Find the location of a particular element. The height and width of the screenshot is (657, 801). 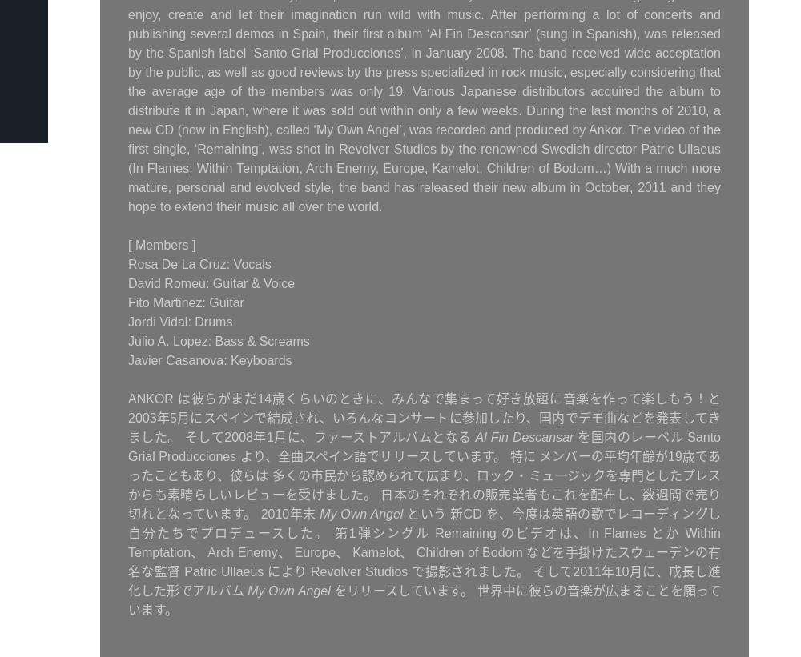

'Julio A. Lopez: Bass & Screams' is located at coordinates (128, 341).